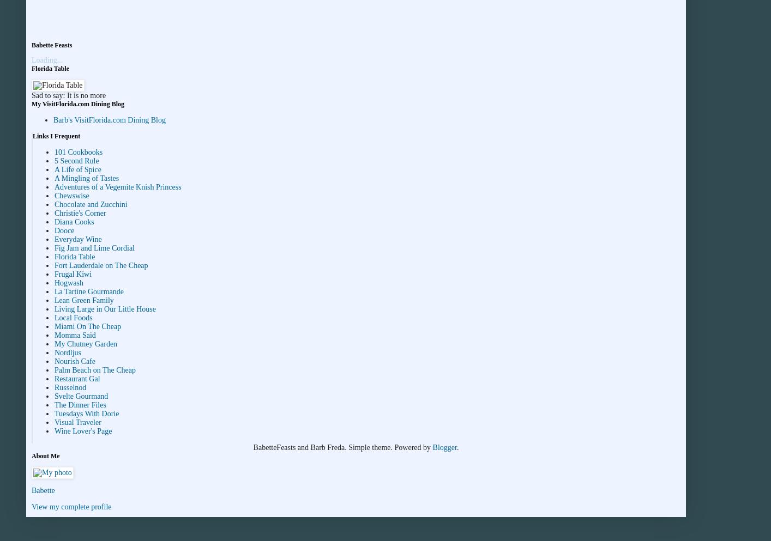 The width and height of the screenshot is (771, 541). Describe the element at coordinates (457, 447) in the screenshot. I see `'.'` at that location.